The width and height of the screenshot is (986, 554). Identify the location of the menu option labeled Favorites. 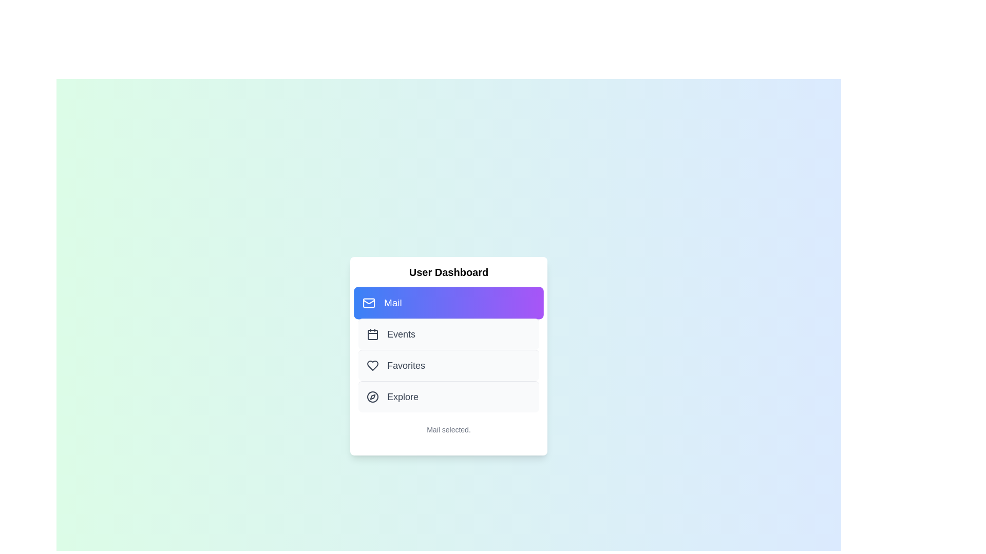
(448, 365).